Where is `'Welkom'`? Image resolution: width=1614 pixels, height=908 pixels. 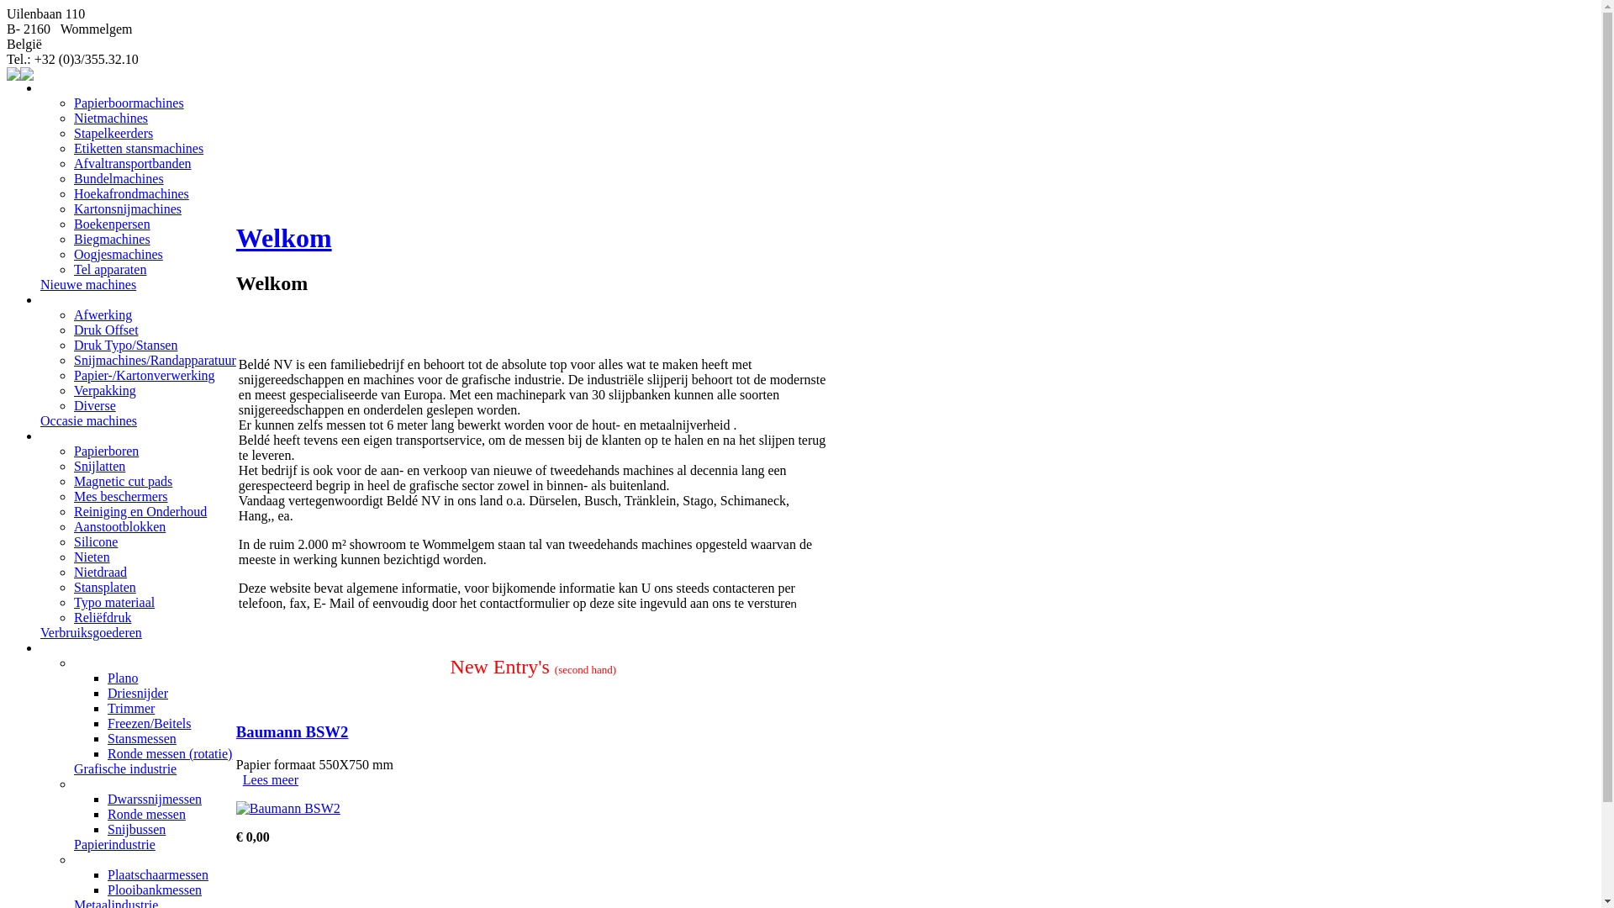
'Welkom' is located at coordinates (283, 237).